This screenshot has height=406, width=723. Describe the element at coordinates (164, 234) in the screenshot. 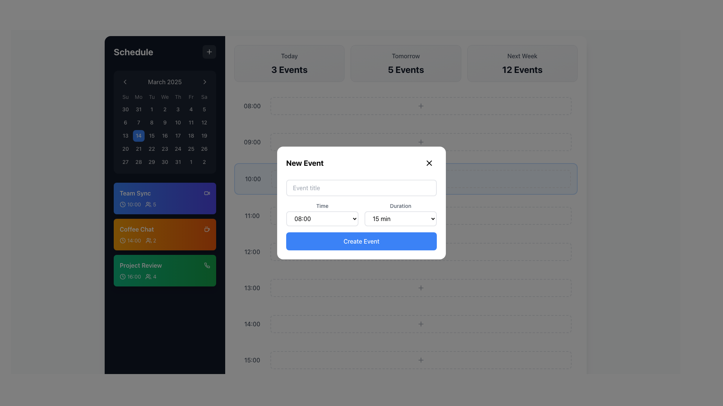

I see `the 'Coffee Chat' event card located` at that location.